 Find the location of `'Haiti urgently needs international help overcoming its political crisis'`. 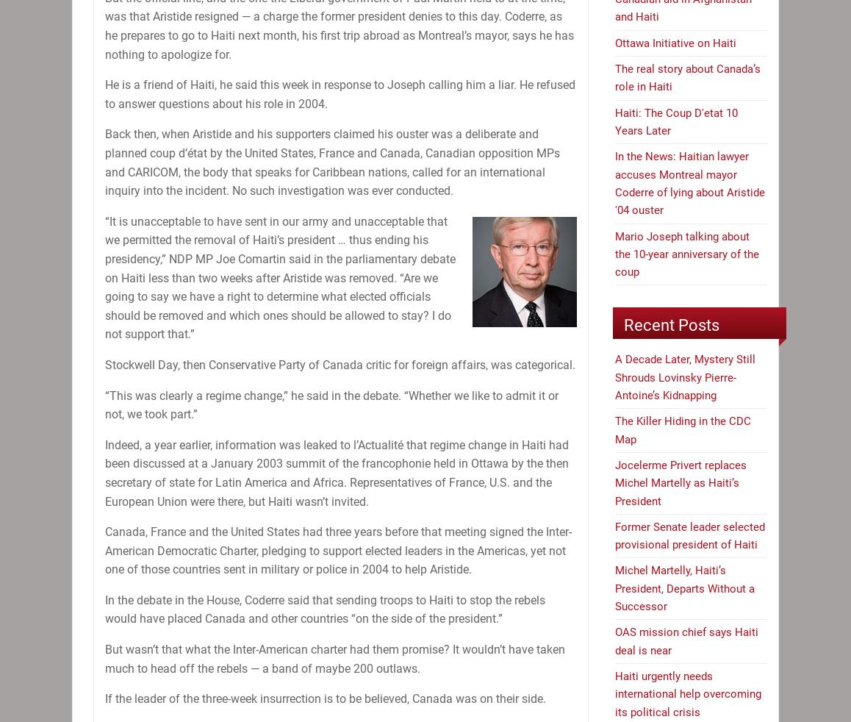

'Haiti urgently needs international help overcoming its political crisis' is located at coordinates (614, 693).